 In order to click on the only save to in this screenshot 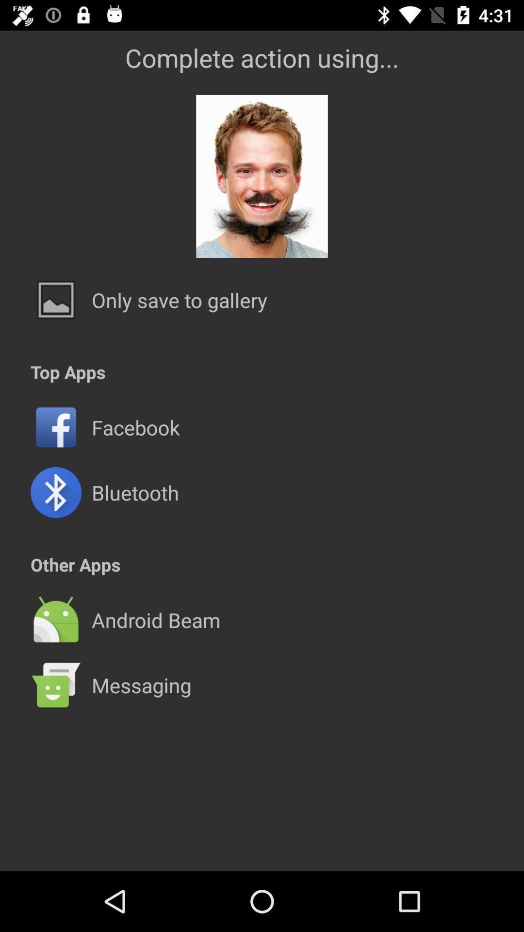, I will do `click(180, 300)`.